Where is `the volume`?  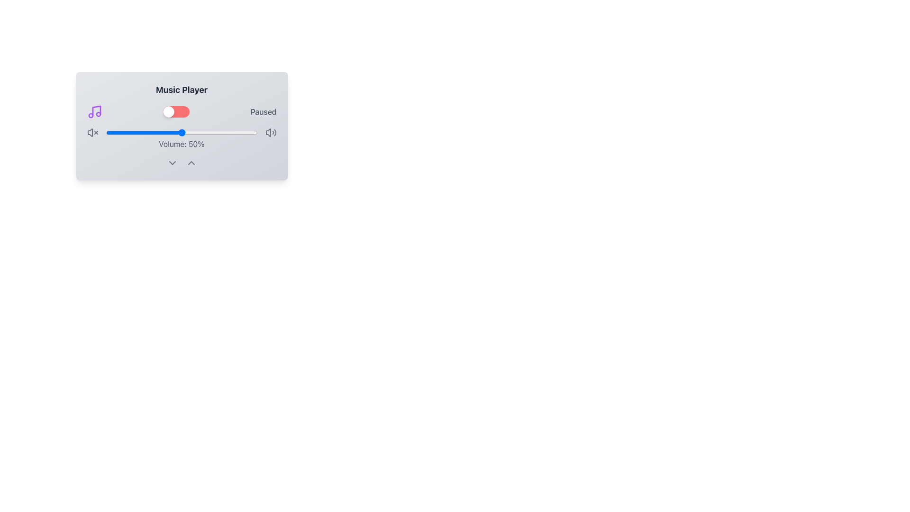
the volume is located at coordinates (210, 133).